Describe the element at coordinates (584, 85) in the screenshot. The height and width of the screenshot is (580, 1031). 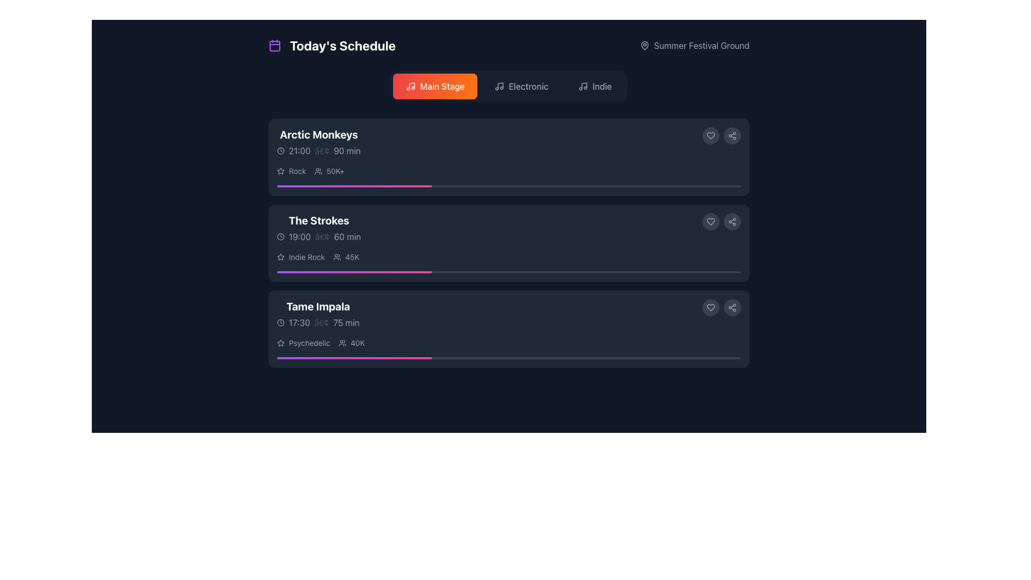
I see `vertical line of the music note icon located in the top navigation area under the 'Indie' category button by opening the developer tools` at that location.